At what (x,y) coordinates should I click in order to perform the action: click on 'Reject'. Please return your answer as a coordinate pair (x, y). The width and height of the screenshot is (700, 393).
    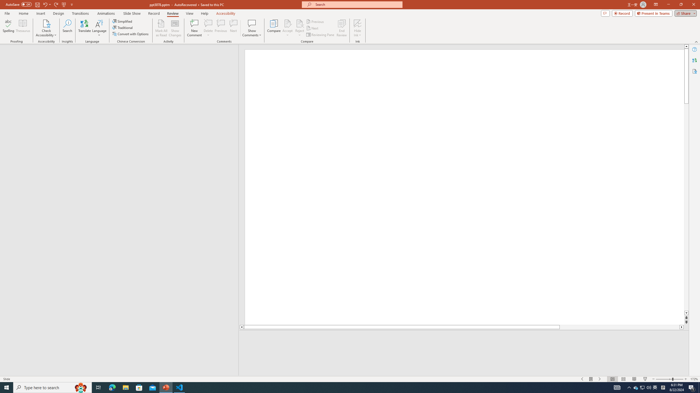
    Looking at the image, I should click on (299, 28).